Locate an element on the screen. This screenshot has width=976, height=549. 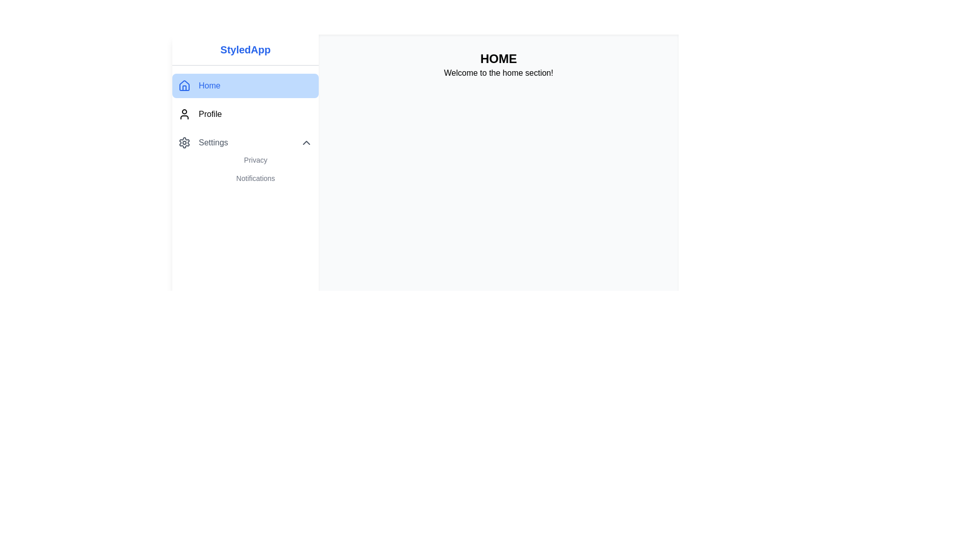
the static text element that displays 'Welcome to the home section!' and is centered horizontally within a light gray section below the 'HOME' header is located at coordinates (498, 72).